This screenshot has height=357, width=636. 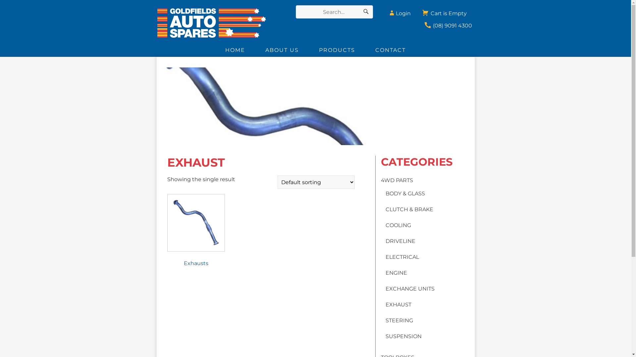 What do you see at coordinates (400, 241) in the screenshot?
I see `'DRIVELINE'` at bounding box center [400, 241].